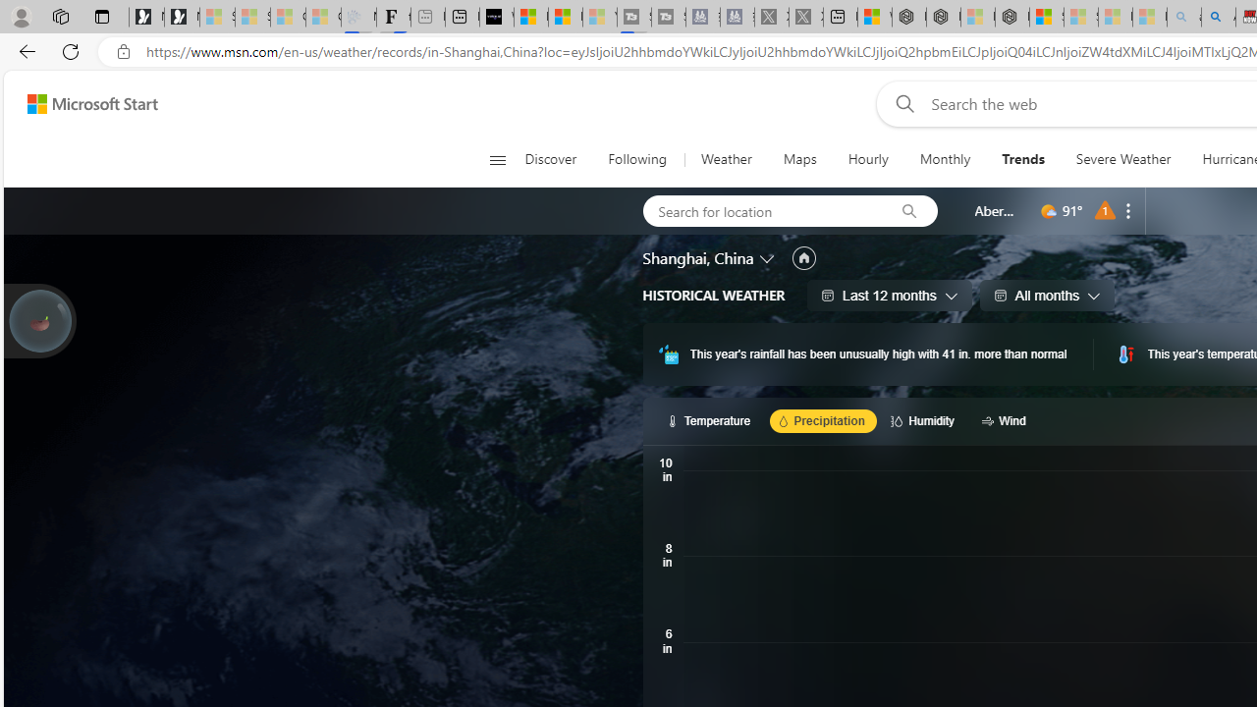 The width and height of the screenshot is (1257, 707). I want to click on 'Shanghai, China', so click(698, 257).